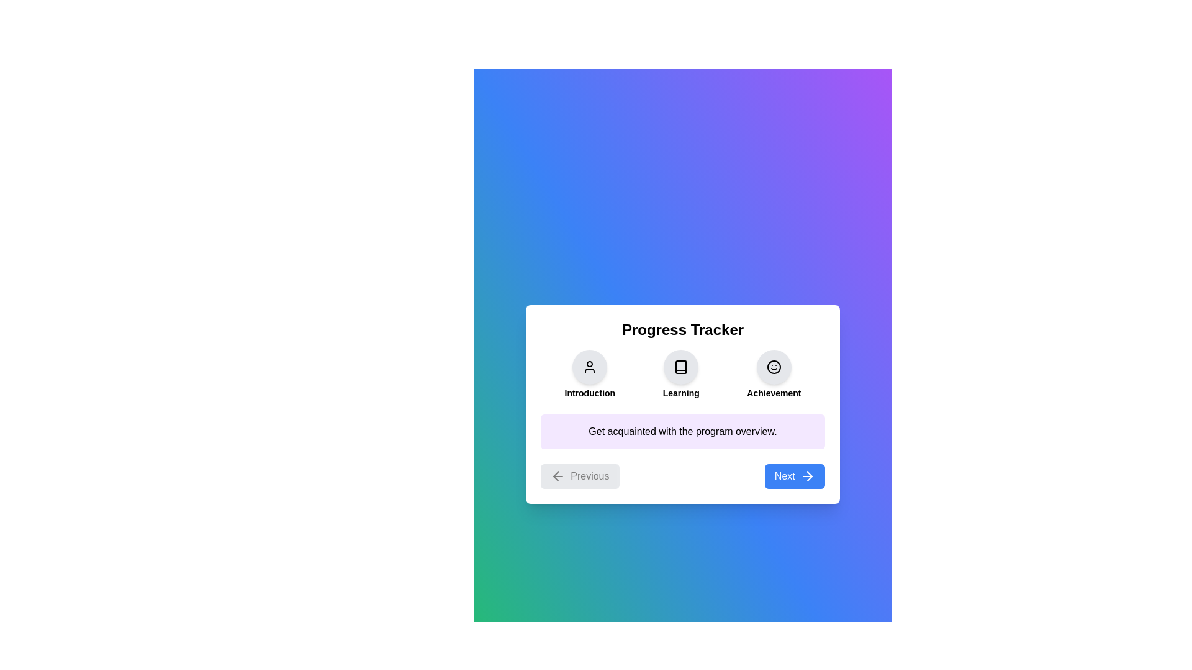 The height and width of the screenshot is (670, 1192). What do you see at coordinates (682, 404) in the screenshot?
I see `the background gradient to initiate a visual interaction` at bounding box center [682, 404].